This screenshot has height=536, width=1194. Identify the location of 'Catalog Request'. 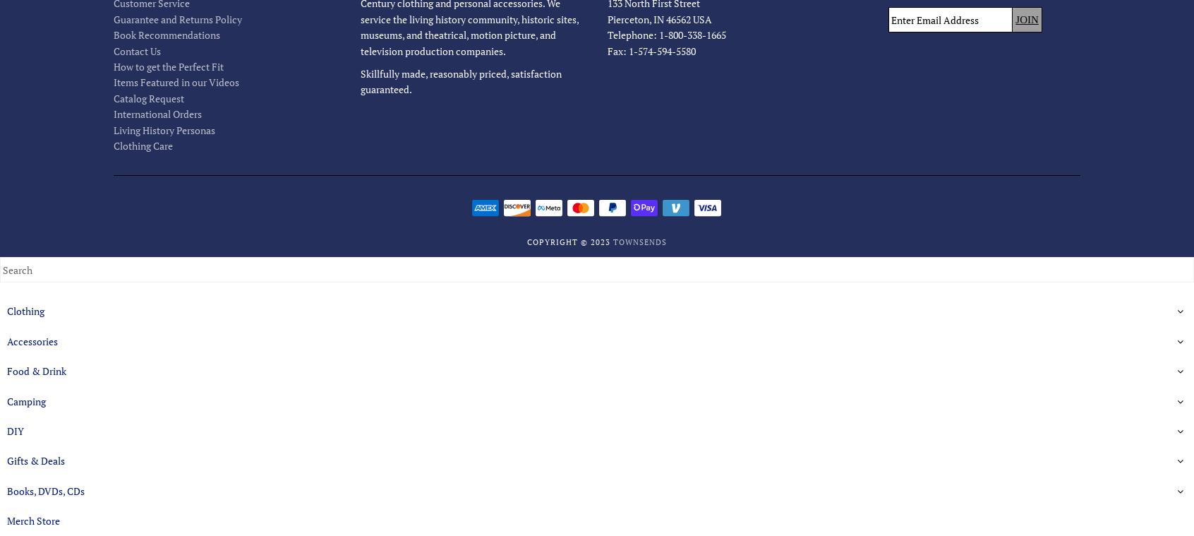
(147, 97).